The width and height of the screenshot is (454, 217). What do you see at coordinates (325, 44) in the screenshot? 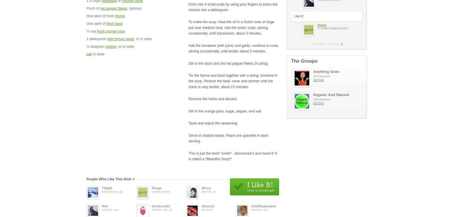
I see `'A Few More Reviews'` at bounding box center [325, 44].